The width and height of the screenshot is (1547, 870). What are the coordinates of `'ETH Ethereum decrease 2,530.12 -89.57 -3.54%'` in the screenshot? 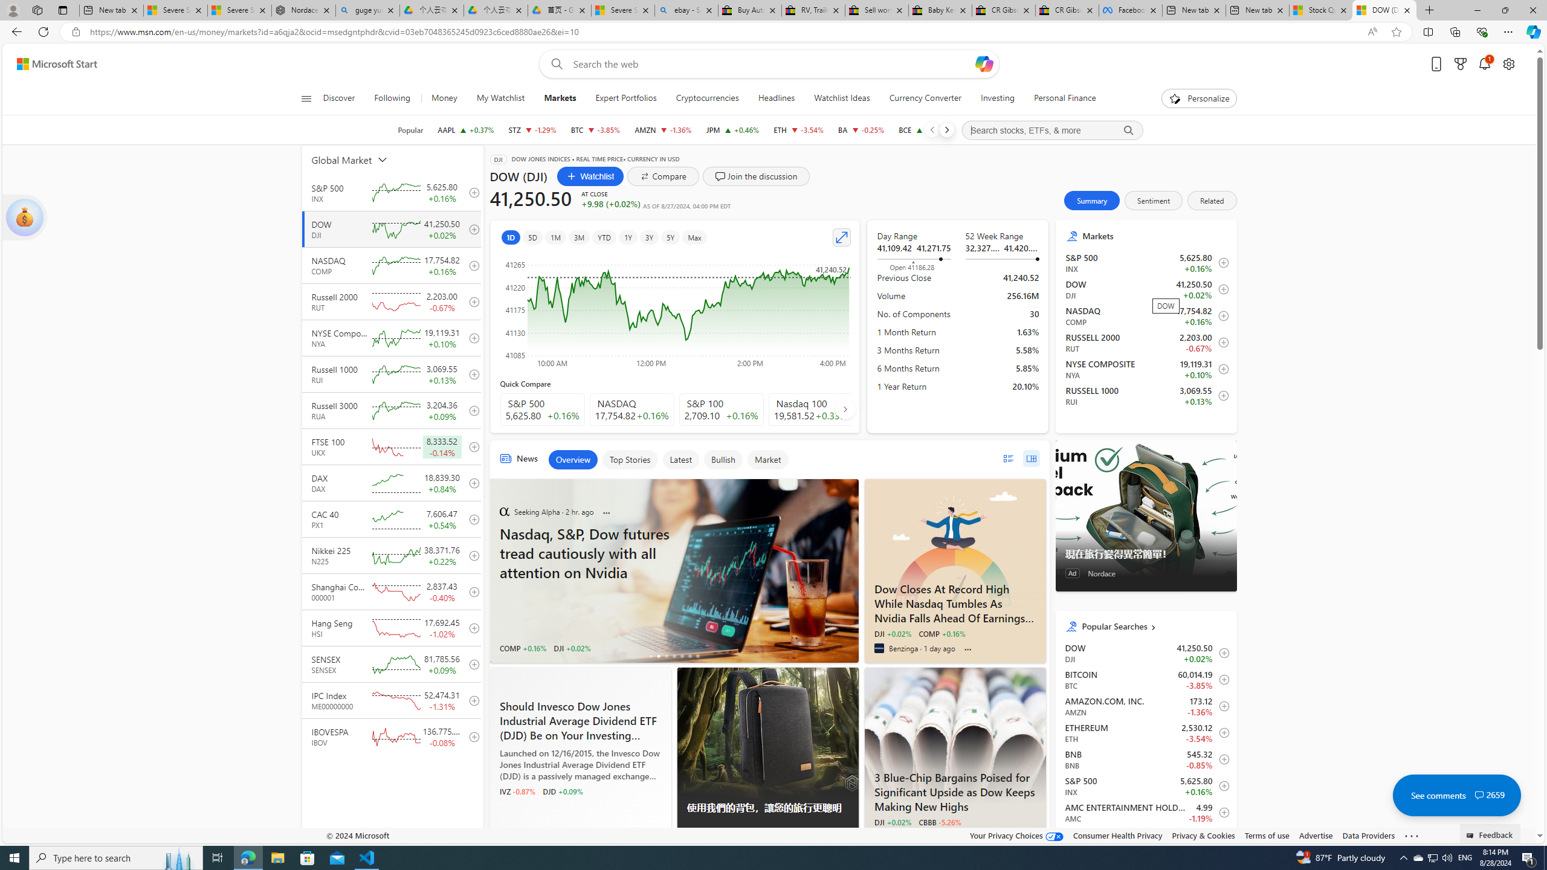 It's located at (798, 129).